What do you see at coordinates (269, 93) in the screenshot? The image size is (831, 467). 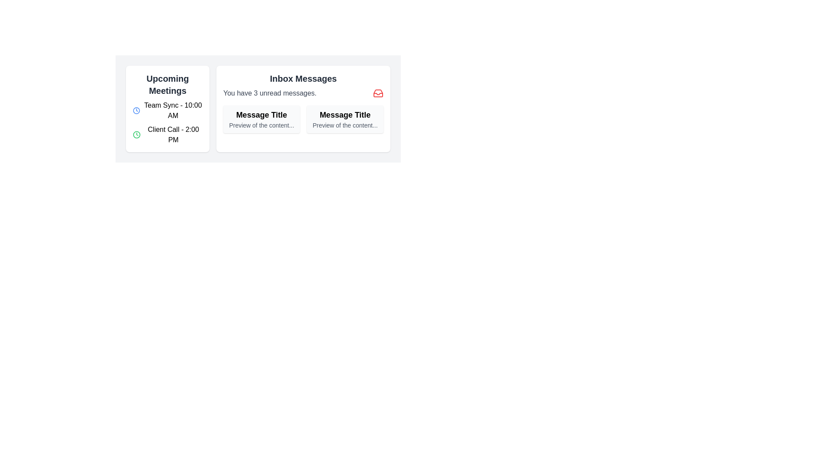 I see `the static text message stating 'You have 3 unread messages.' located in the 'Inbox Messages' section, positioned above two message previews and aligned with a red inbox icon` at bounding box center [269, 93].